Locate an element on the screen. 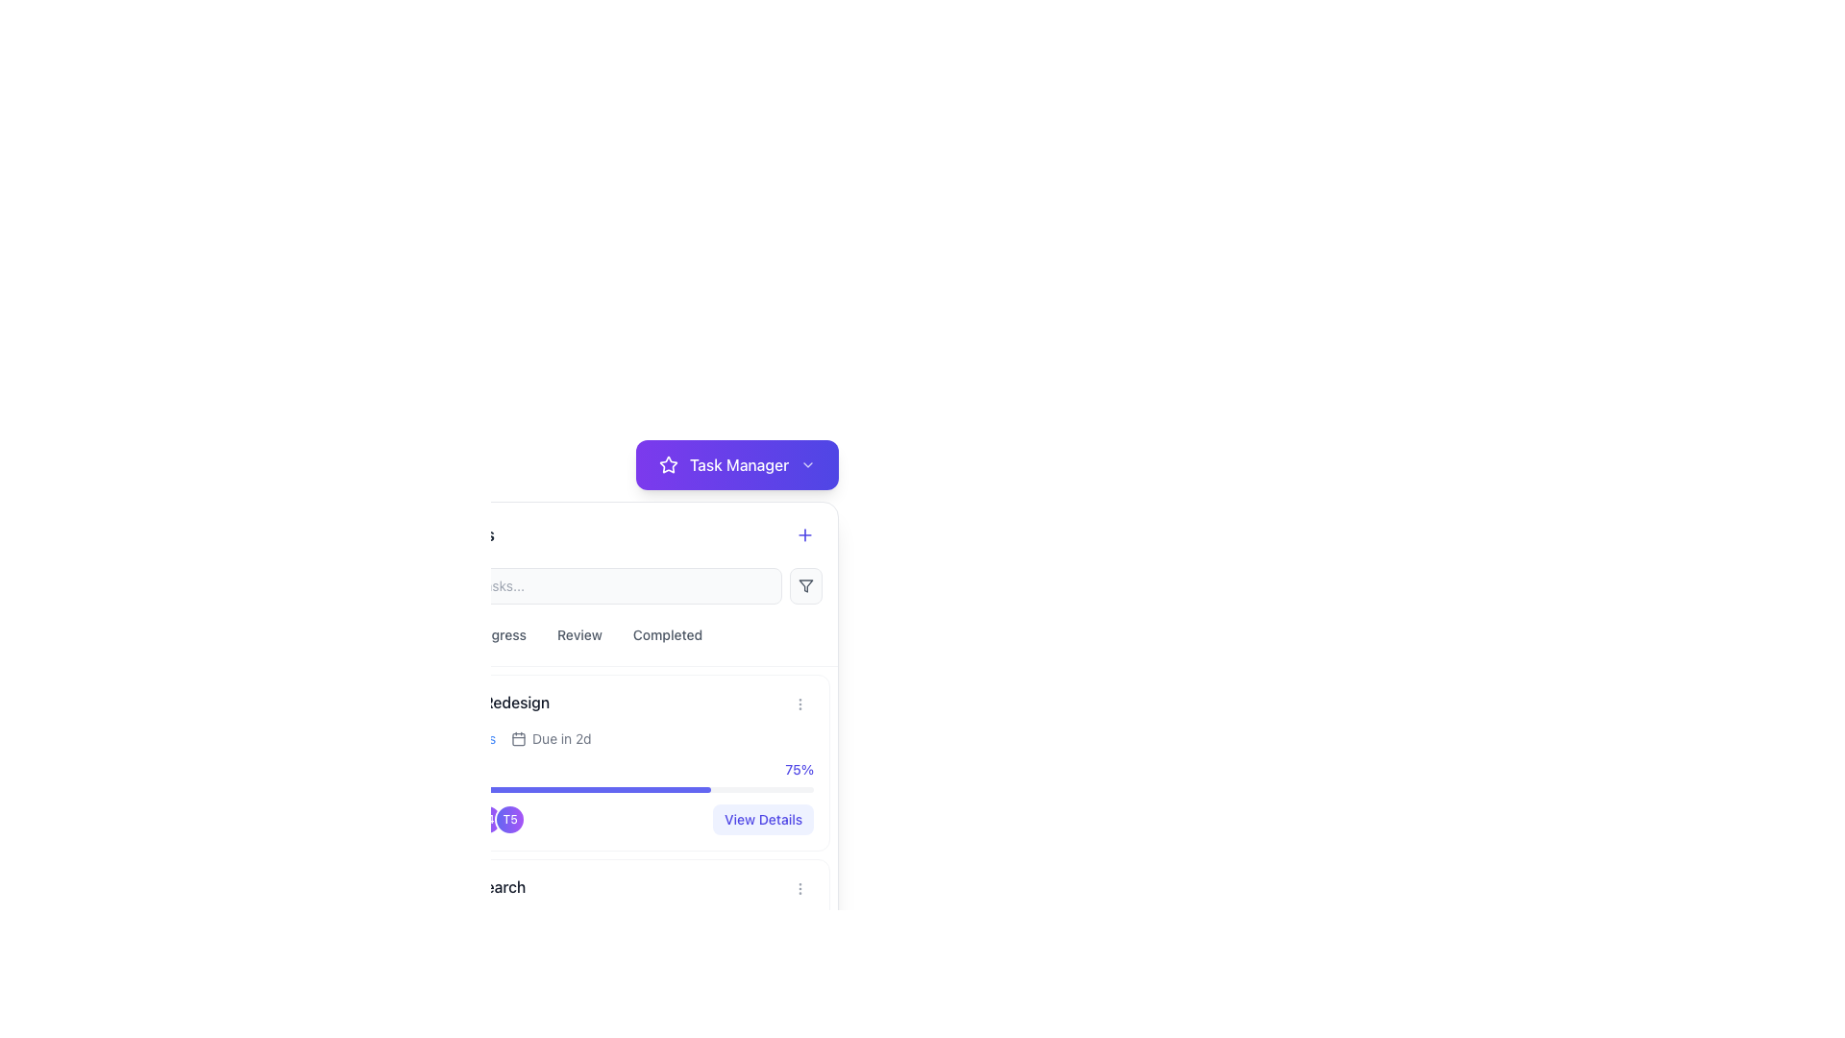  the visual representation of group members or items by focusing on the row of three small circles displaying text ('T1', 'T2', 'T3') with a gradient background, positioned to the left of the 'View Details' button is located at coordinates (440, 1003).